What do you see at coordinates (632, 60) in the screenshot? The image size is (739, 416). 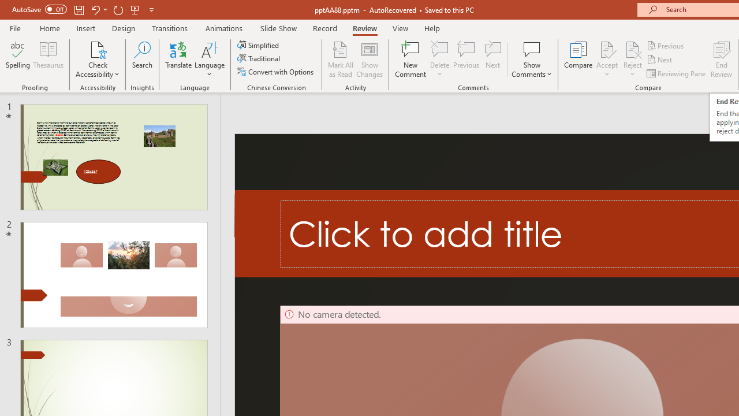 I see `'Reject'` at bounding box center [632, 60].